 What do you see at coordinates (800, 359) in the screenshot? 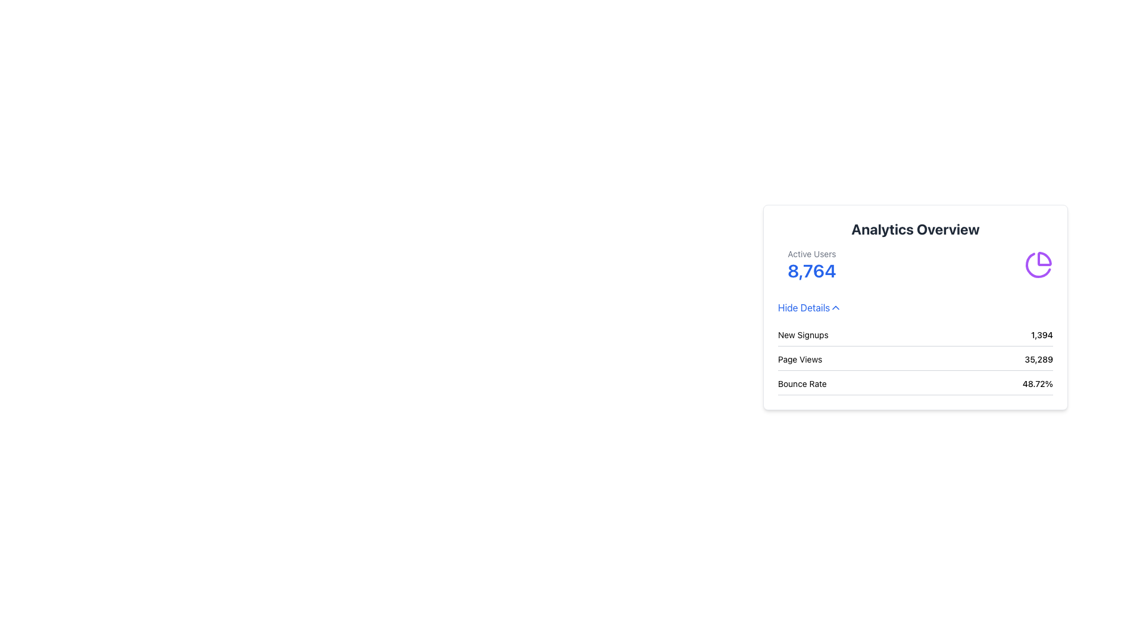
I see `the Text Label indicating the number of page views, which is positioned to the left of the value '35,289' in the statistics section of the interface` at bounding box center [800, 359].